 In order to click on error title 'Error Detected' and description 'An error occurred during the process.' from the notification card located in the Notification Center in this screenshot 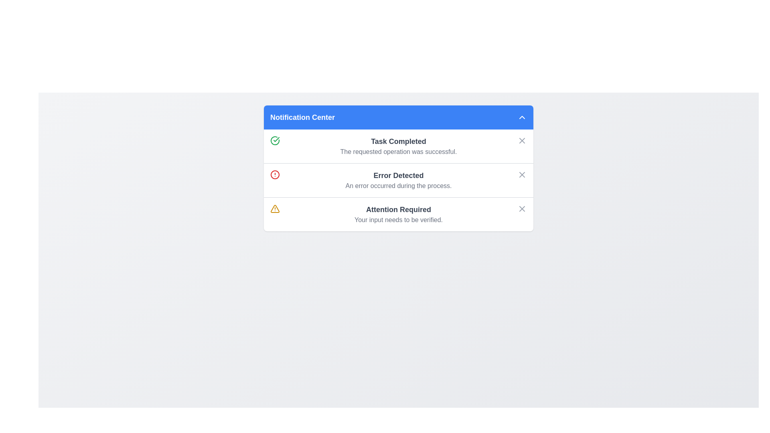, I will do `click(398, 180)`.